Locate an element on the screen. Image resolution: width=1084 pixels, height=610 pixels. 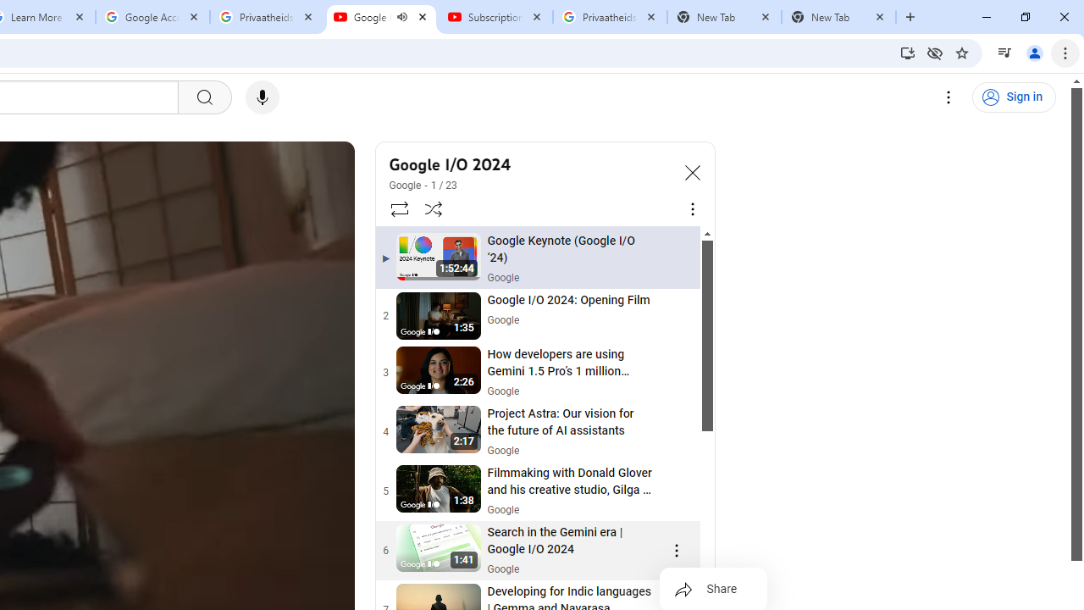
'Google Account' is located at coordinates (152, 17).